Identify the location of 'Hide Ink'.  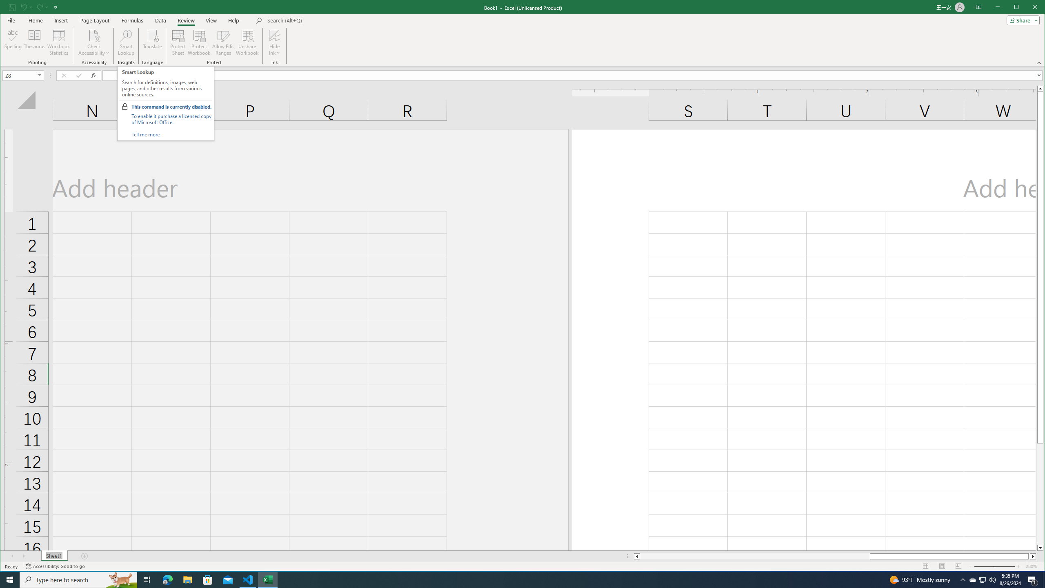
(274, 42).